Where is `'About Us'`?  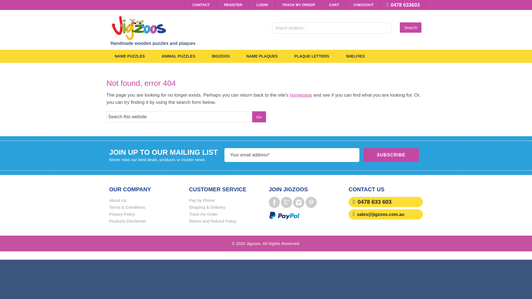
'About Us' is located at coordinates (109, 200).